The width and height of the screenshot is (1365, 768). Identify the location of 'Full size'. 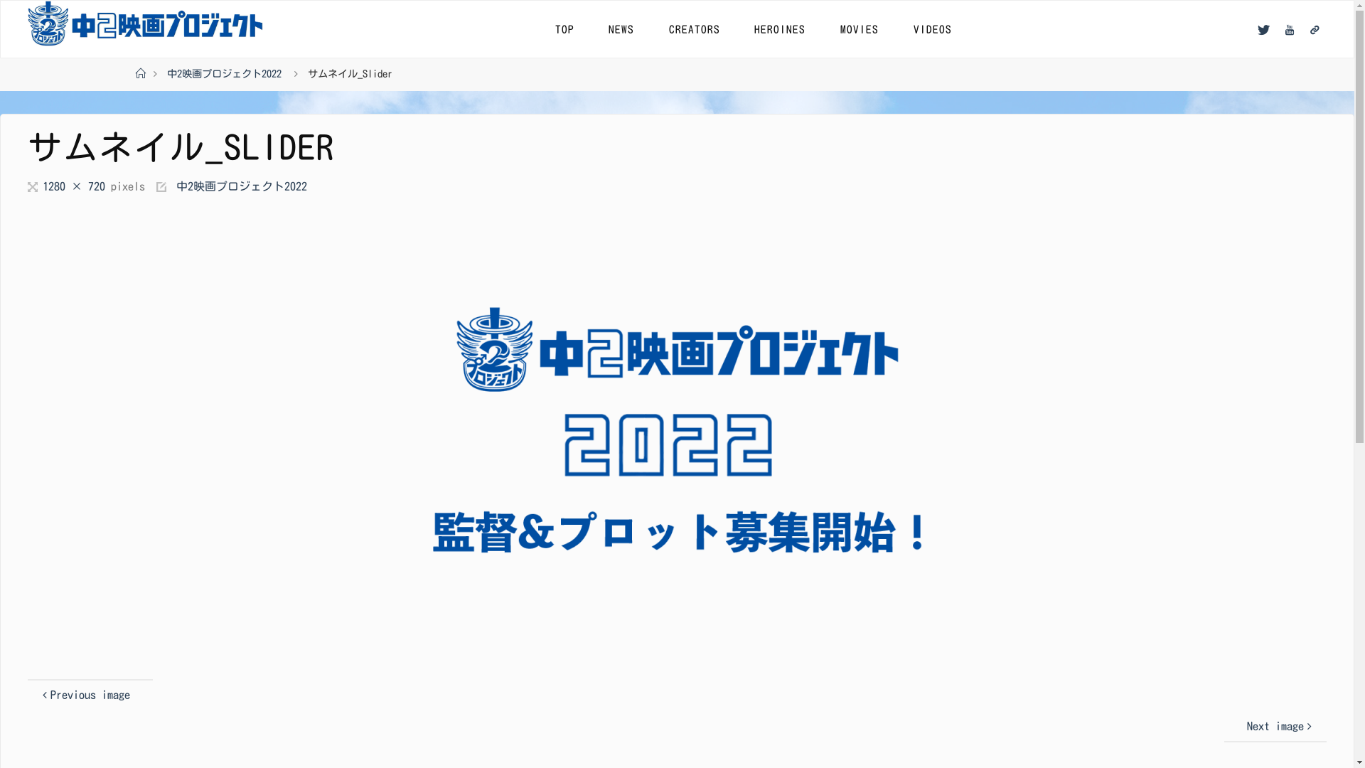
(33, 186).